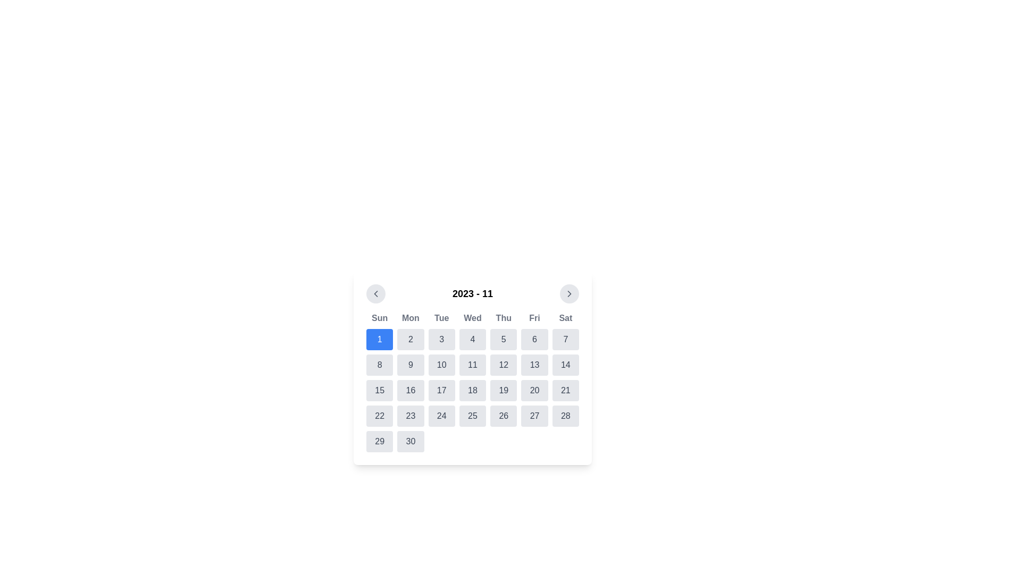 The width and height of the screenshot is (1021, 574). Describe the element at coordinates (472, 391) in the screenshot. I see `the rectangular button with a light gray background that represents the date 18 in the calendar grid` at that location.